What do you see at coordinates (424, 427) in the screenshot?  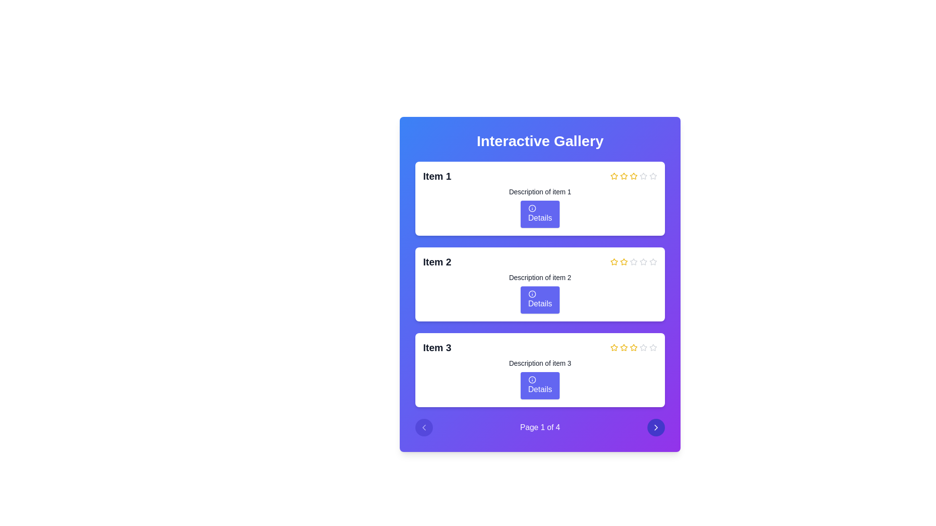 I see `the left-pointing chevron arrow icon located within the circular button in the bottom-left corner of the interface` at bounding box center [424, 427].